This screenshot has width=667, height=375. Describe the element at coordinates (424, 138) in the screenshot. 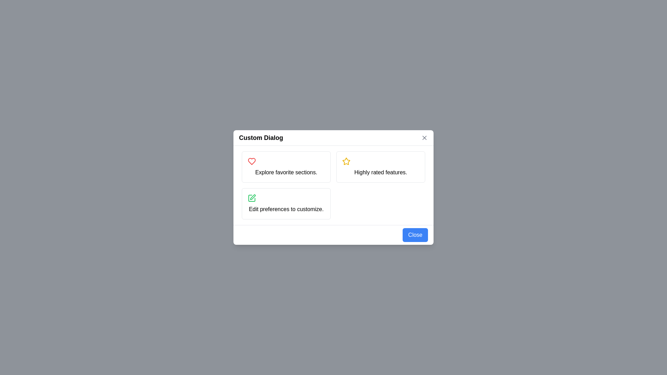

I see `the 'Close' button represented as a diagonal cross located at the top-right corner of the 'Custom Dialog' modal` at that location.